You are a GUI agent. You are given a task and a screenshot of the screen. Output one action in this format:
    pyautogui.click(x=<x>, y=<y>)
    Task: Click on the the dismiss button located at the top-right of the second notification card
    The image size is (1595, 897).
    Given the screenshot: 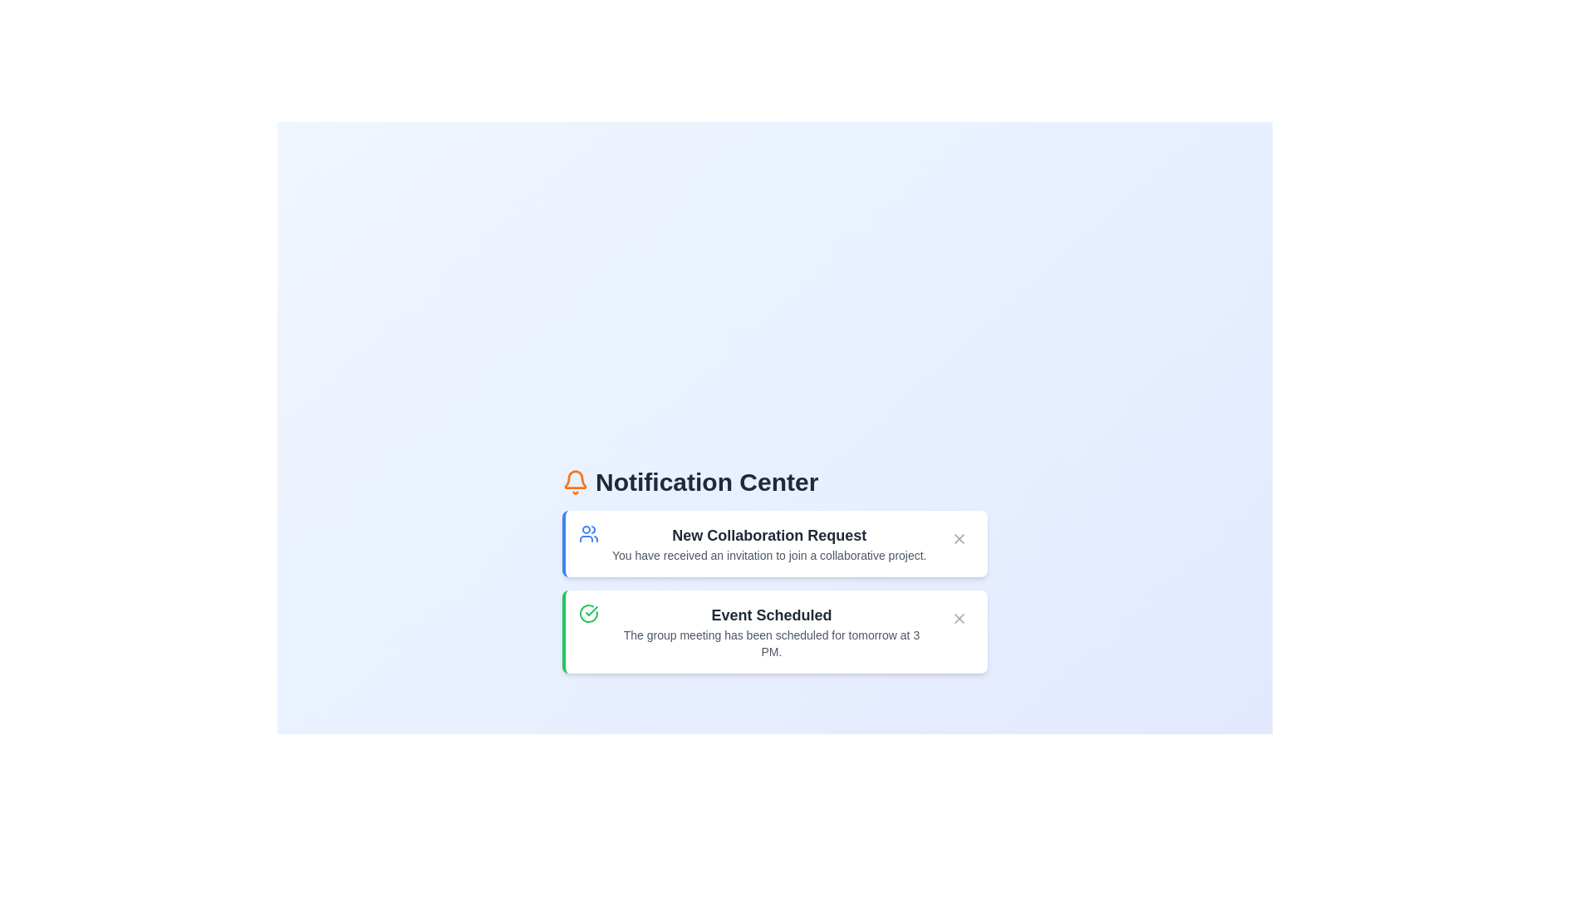 What is the action you would take?
    pyautogui.click(x=959, y=618)
    